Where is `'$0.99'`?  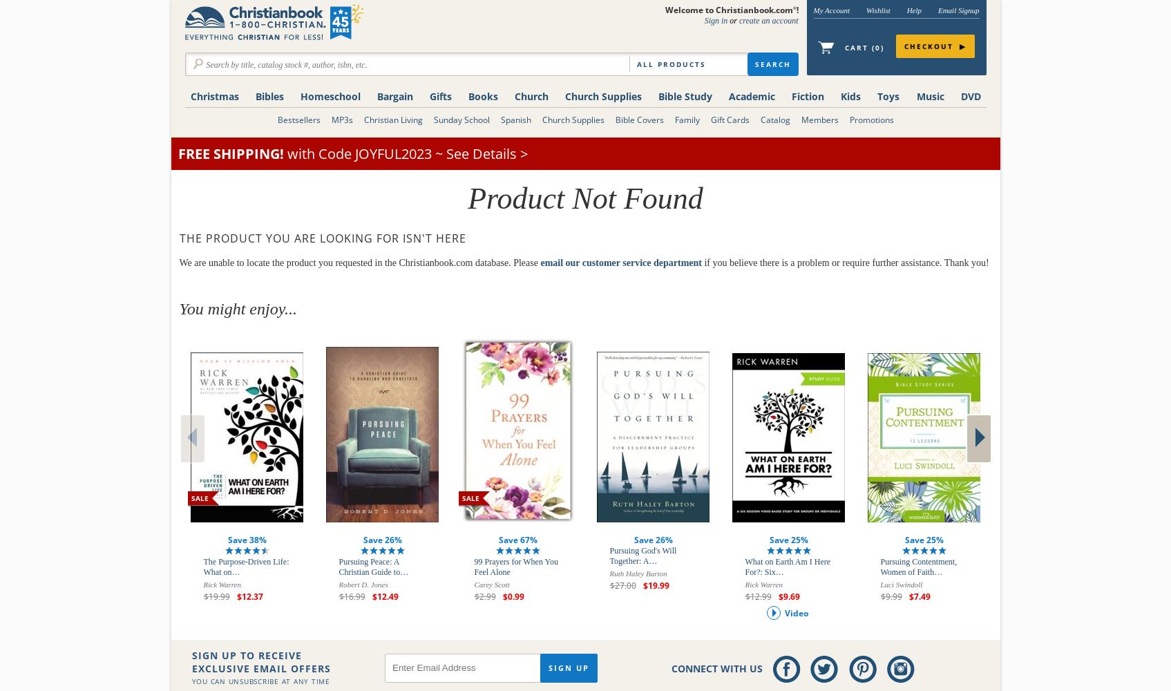
'$0.99' is located at coordinates (512, 596).